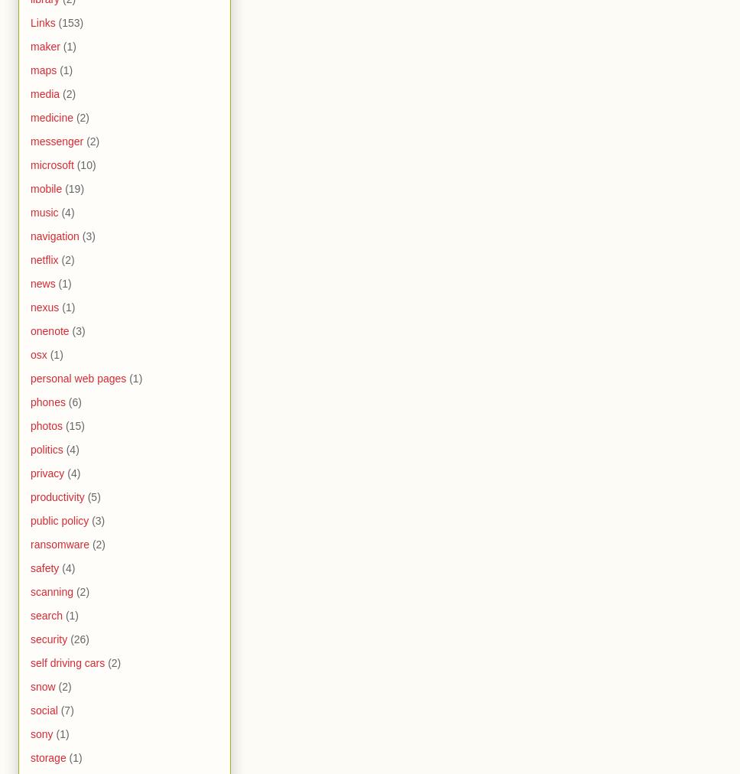 Image resolution: width=740 pixels, height=774 pixels. Describe the element at coordinates (45, 189) in the screenshot. I see `'mobile'` at that location.